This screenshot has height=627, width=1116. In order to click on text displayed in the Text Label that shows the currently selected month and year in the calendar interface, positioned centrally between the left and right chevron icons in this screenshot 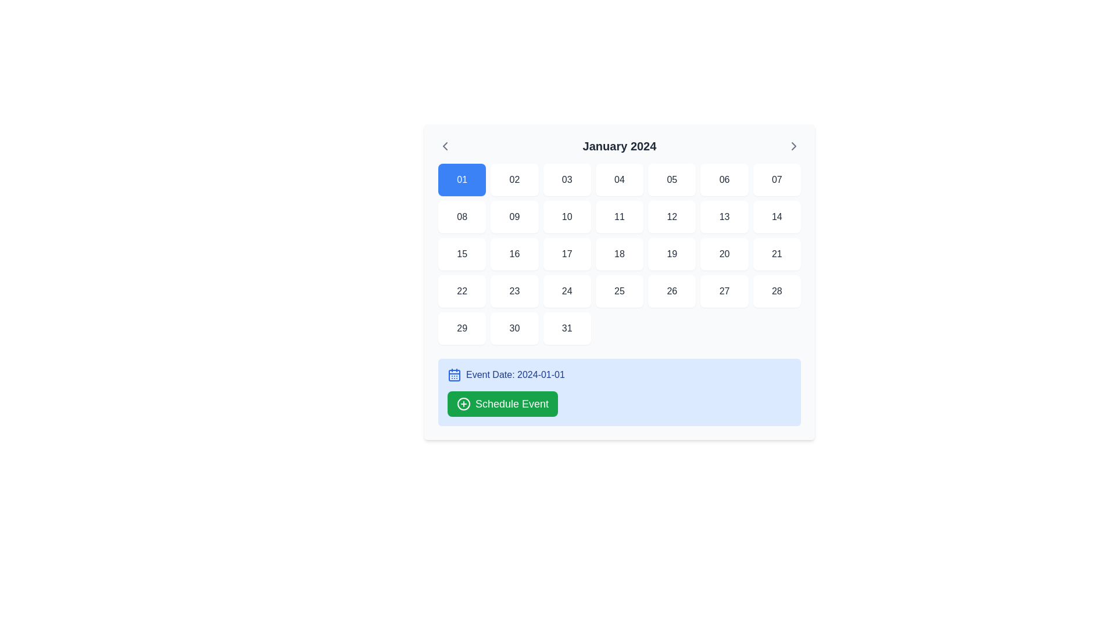, I will do `click(618, 145)`.